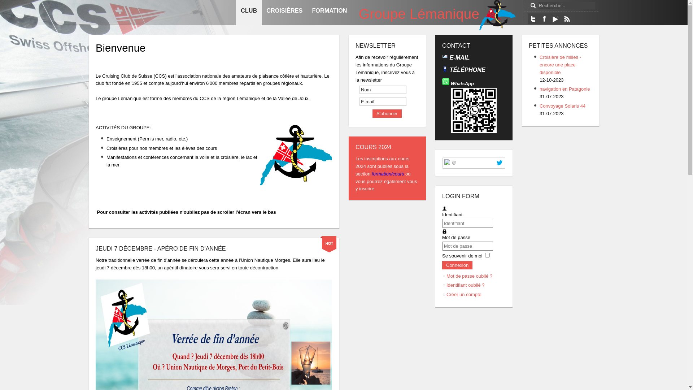 The height and width of the screenshot is (390, 693). I want to click on 'FORMATION', so click(329, 12).